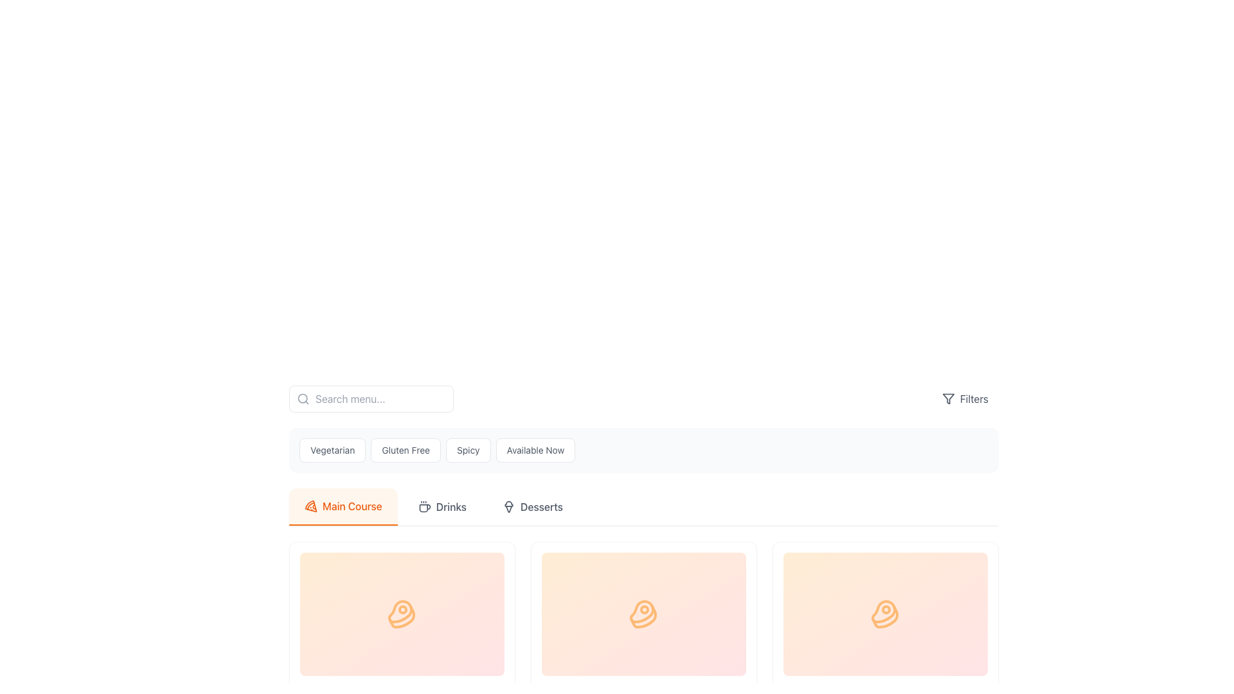  Describe the element at coordinates (442, 506) in the screenshot. I see `the button to switch to the Drinks category, which is the second button in a horizontal row located between the Main Course and Desserts buttons` at that location.